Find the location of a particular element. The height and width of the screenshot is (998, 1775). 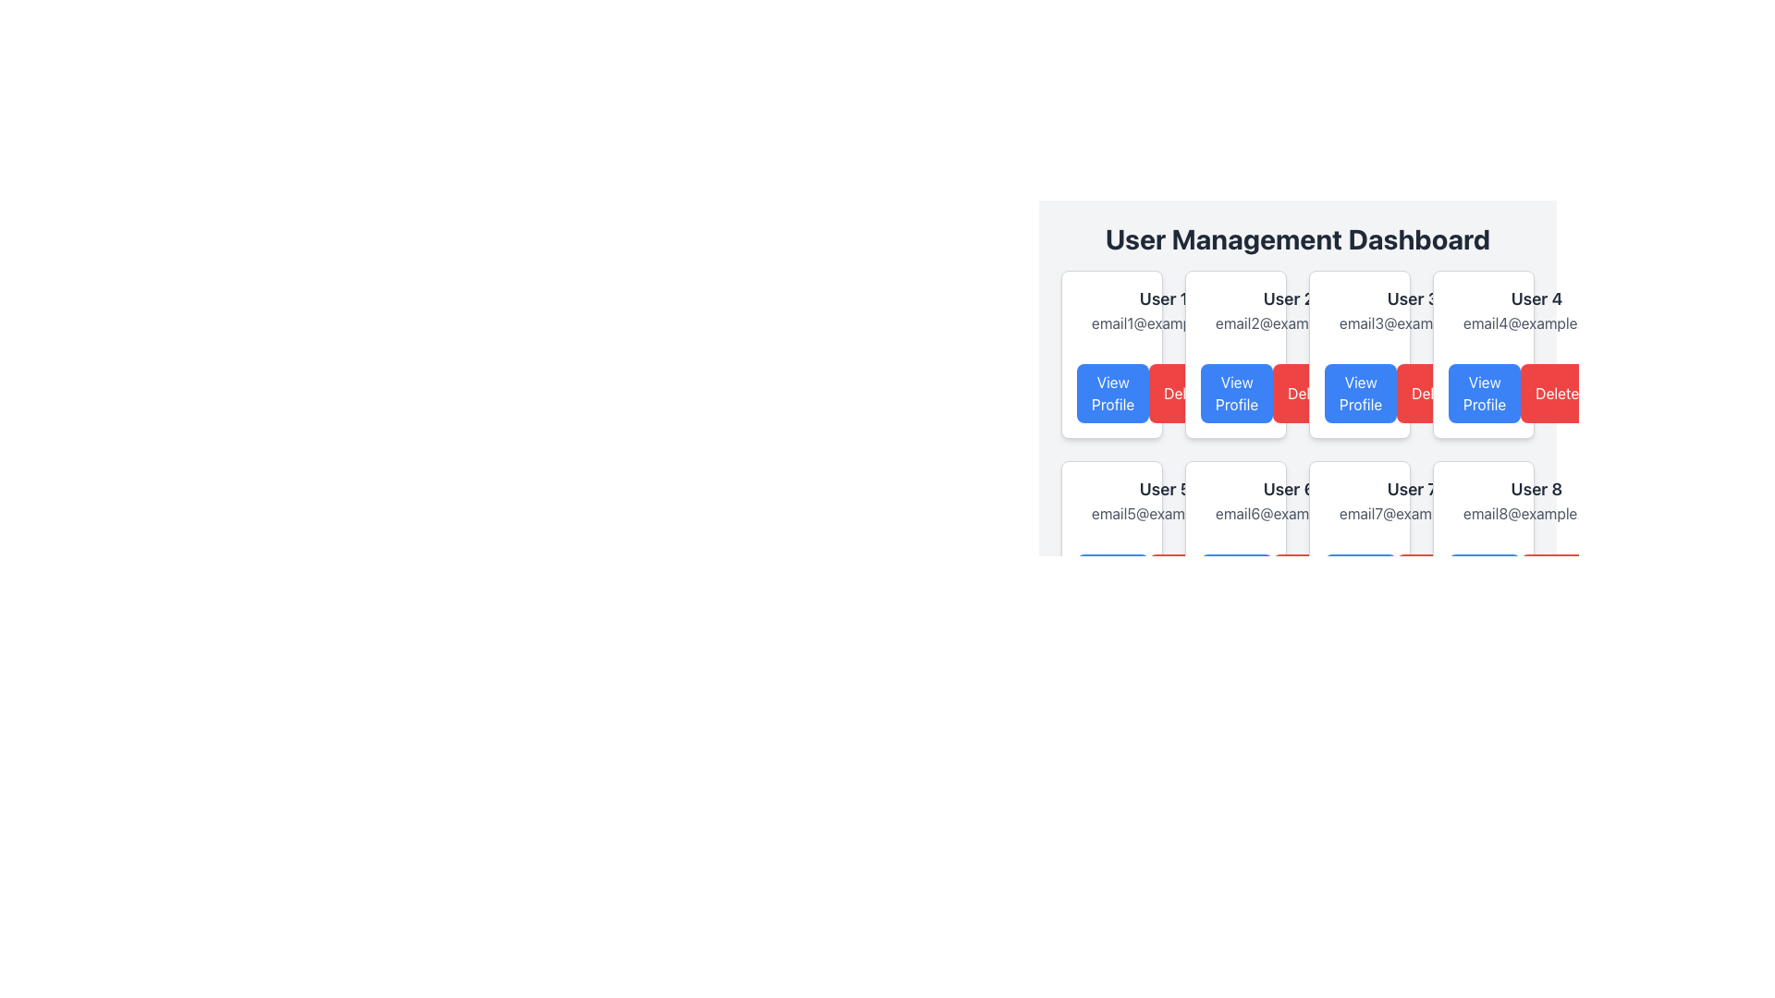

the first button in the user management dashboard grid under 'User 2' is located at coordinates (1237, 392).